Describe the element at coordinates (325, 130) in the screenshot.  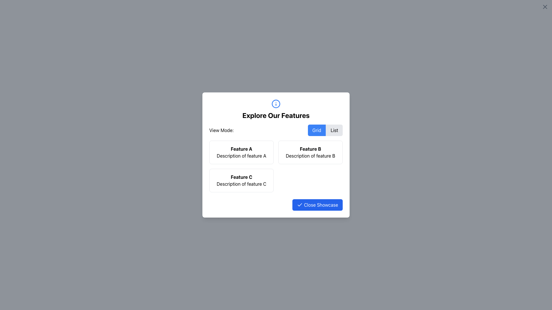
I see `the segmented control with toggle buttons labeled 'Grid' and 'List'` at that location.